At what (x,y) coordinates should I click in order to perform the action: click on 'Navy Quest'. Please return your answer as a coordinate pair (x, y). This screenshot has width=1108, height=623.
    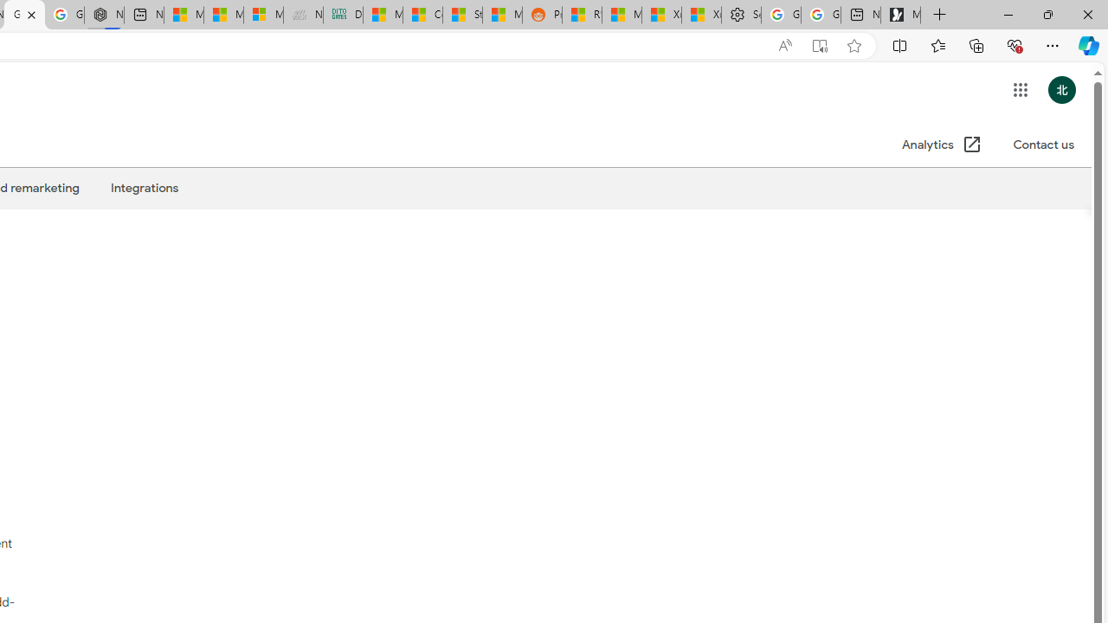
    Looking at the image, I should click on (303, 15).